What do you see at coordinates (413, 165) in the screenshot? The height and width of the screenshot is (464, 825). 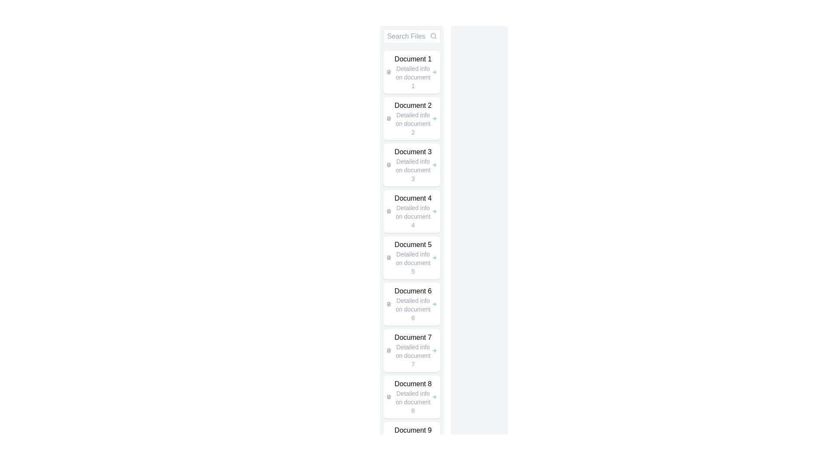 I see `the text block displaying the title 'Document 3'` at bounding box center [413, 165].